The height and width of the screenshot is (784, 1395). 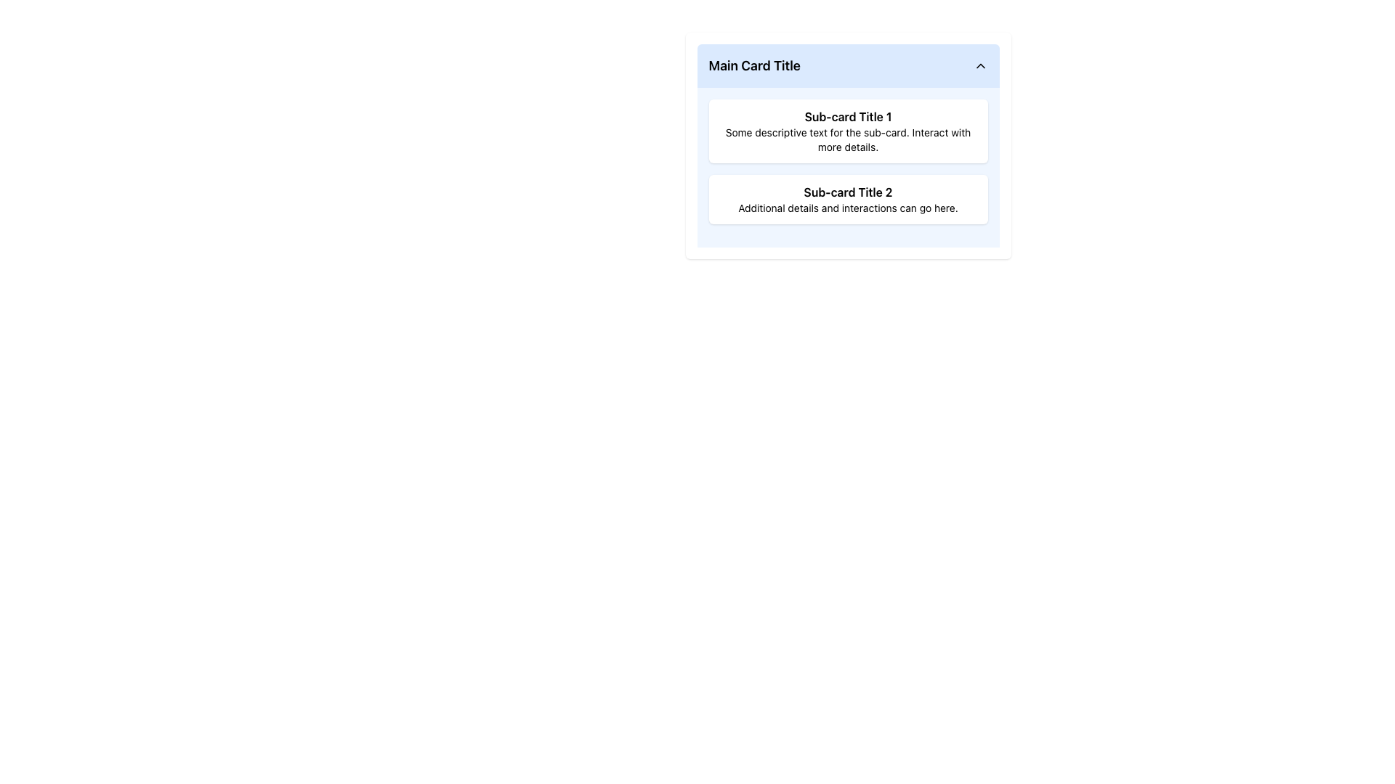 What do you see at coordinates (848, 131) in the screenshot?
I see `descriptive text in the first sub-card titled 'Sub-card Title 1', which is styled in a white rectangular box with a shadow effect` at bounding box center [848, 131].